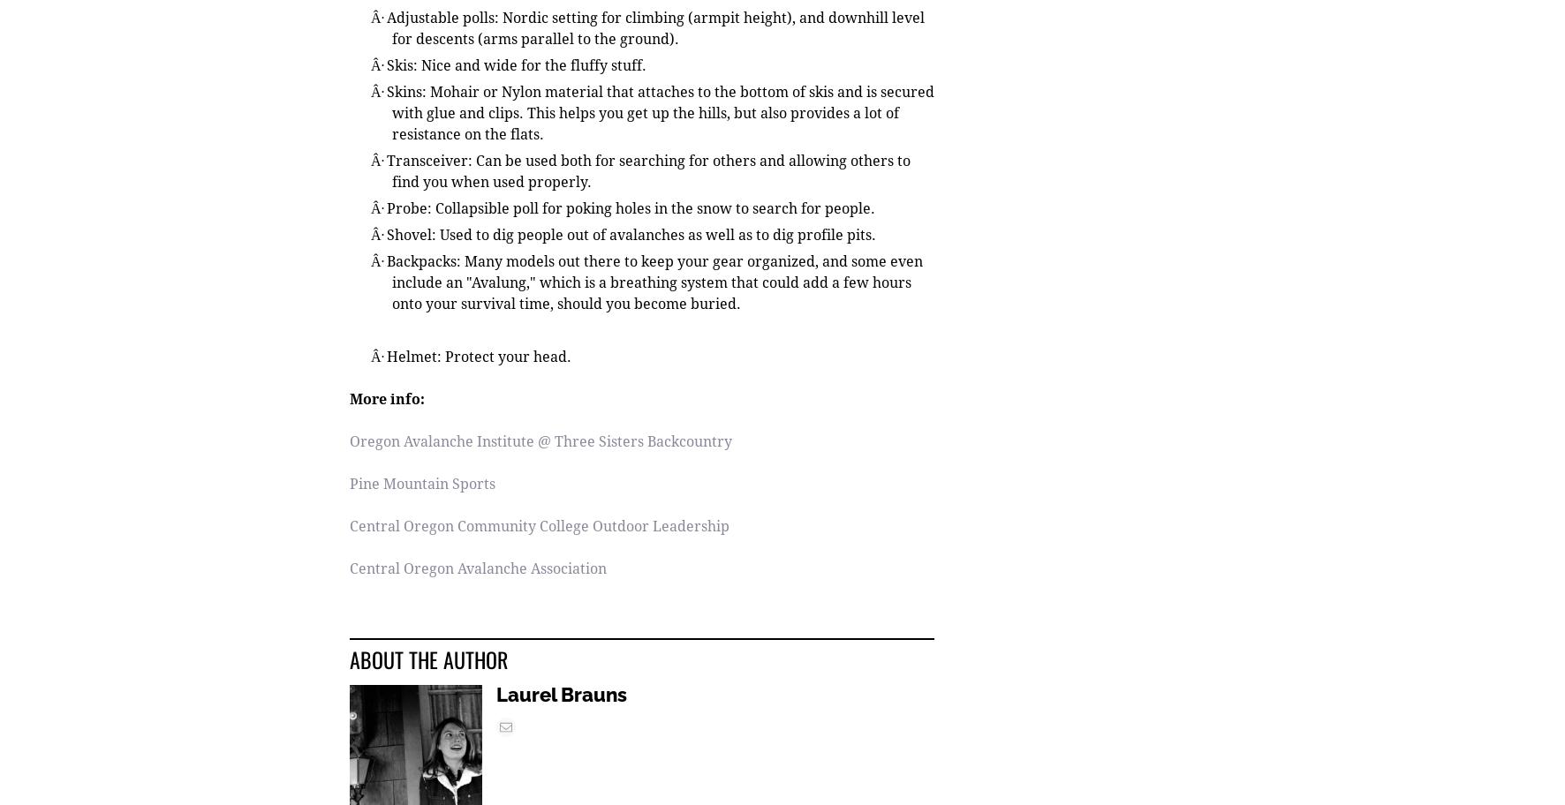 The height and width of the screenshot is (805, 1565). Describe the element at coordinates (495, 696) in the screenshot. I see `'Laurel Brauns'` at that location.